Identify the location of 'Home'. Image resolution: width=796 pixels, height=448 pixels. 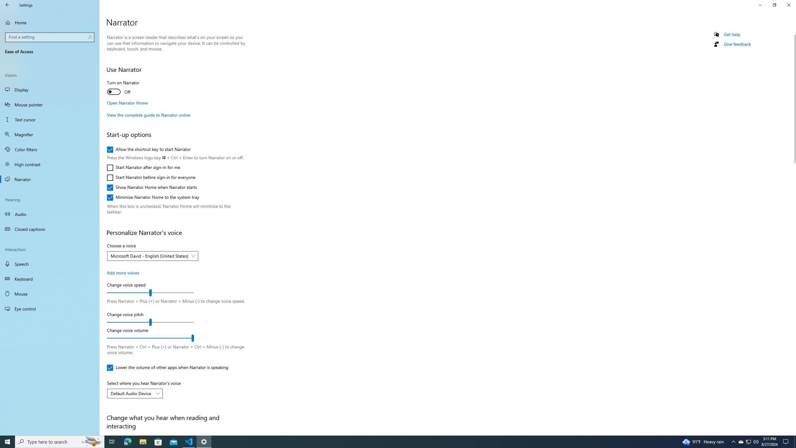
(49, 22).